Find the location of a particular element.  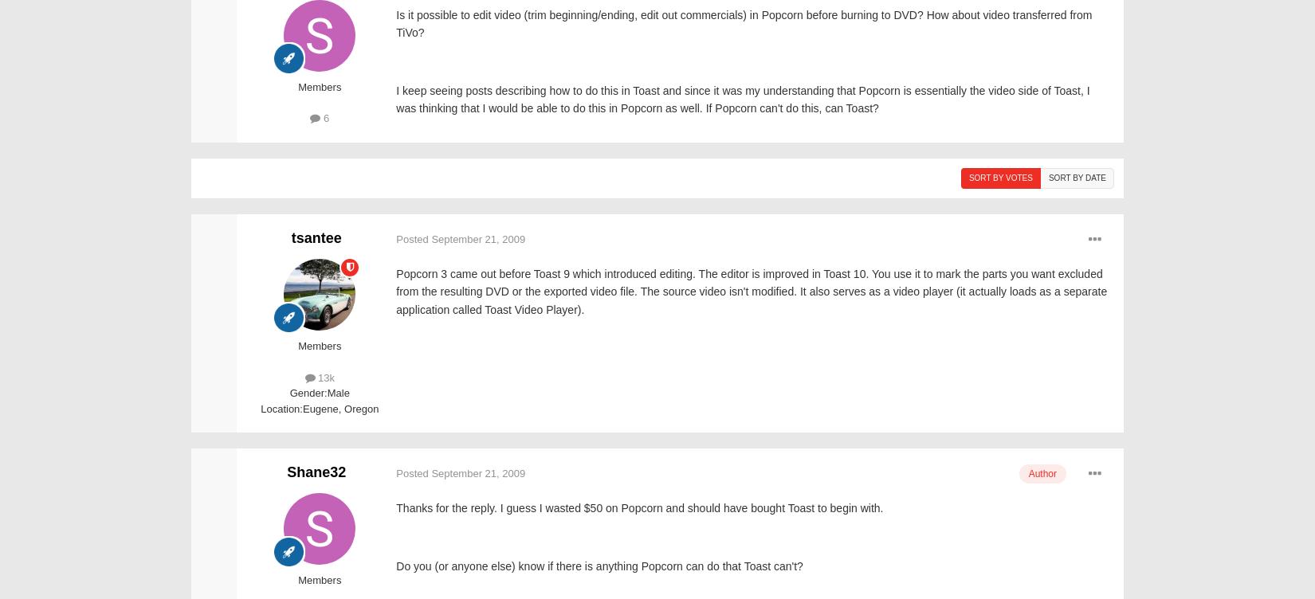

'Is it possible to edit video (trim beginning/ending, edit out commercials) in Popcorn before burning to DVD?  How about video transferred from TiVo?' is located at coordinates (744, 23).